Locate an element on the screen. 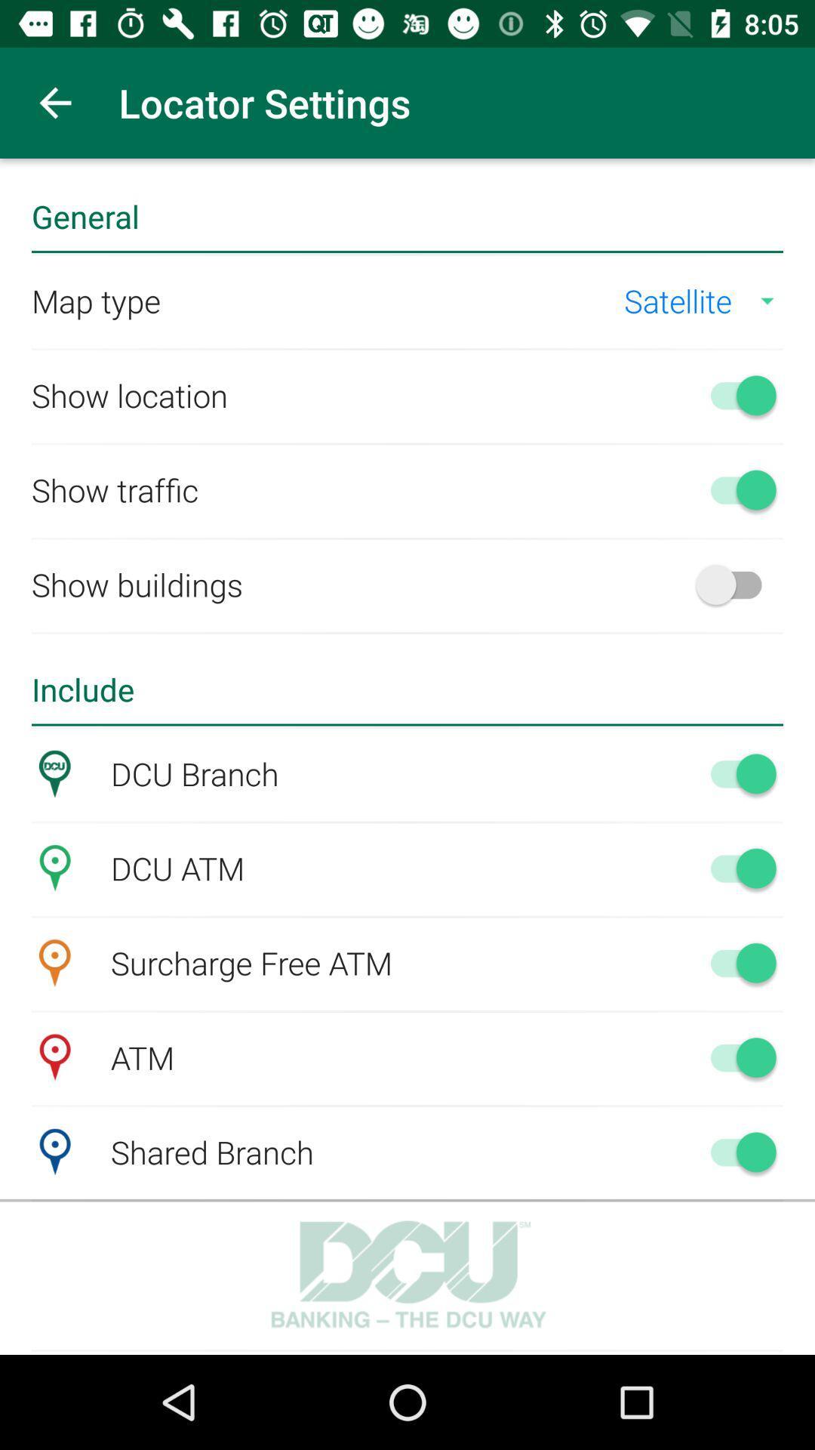 This screenshot has height=1450, width=815. toggles option on and off is located at coordinates (735, 868).